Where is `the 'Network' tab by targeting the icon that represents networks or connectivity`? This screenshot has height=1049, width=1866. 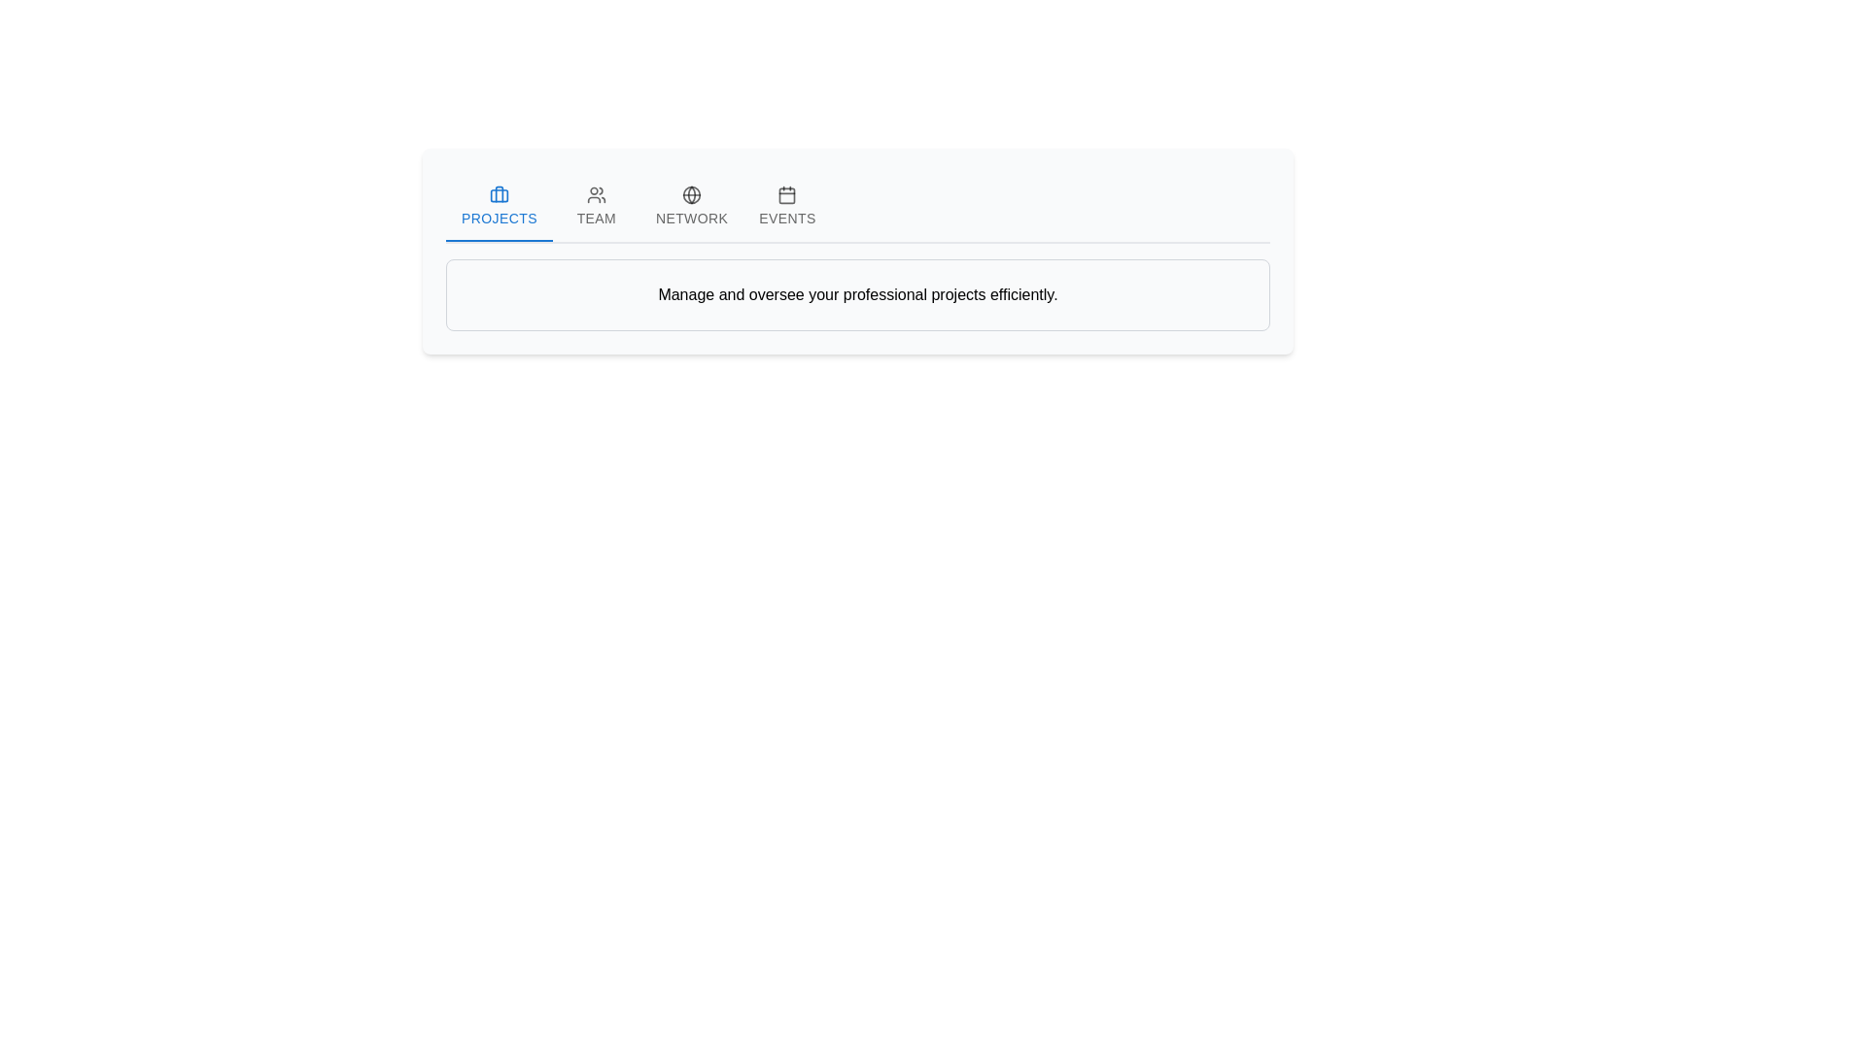 the 'Network' tab by targeting the icon that represents networks or connectivity is located at coordinates (692, 195).